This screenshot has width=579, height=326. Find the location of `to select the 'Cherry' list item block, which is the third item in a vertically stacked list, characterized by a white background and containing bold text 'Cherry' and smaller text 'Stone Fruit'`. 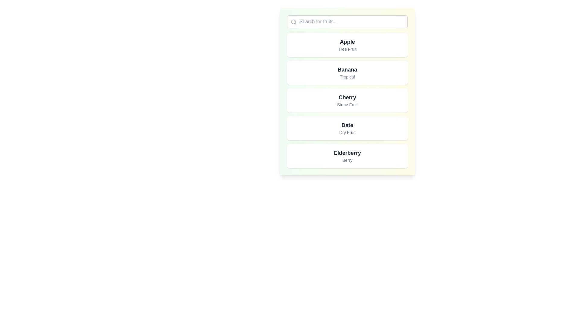

to select the 'Cherry' list item block, which is the third item in a vertically stacked list, characterized by a white background and containing bold text 'Cherry' and smaller text 'Stone Fruit' is located at coordinates (347, 100).